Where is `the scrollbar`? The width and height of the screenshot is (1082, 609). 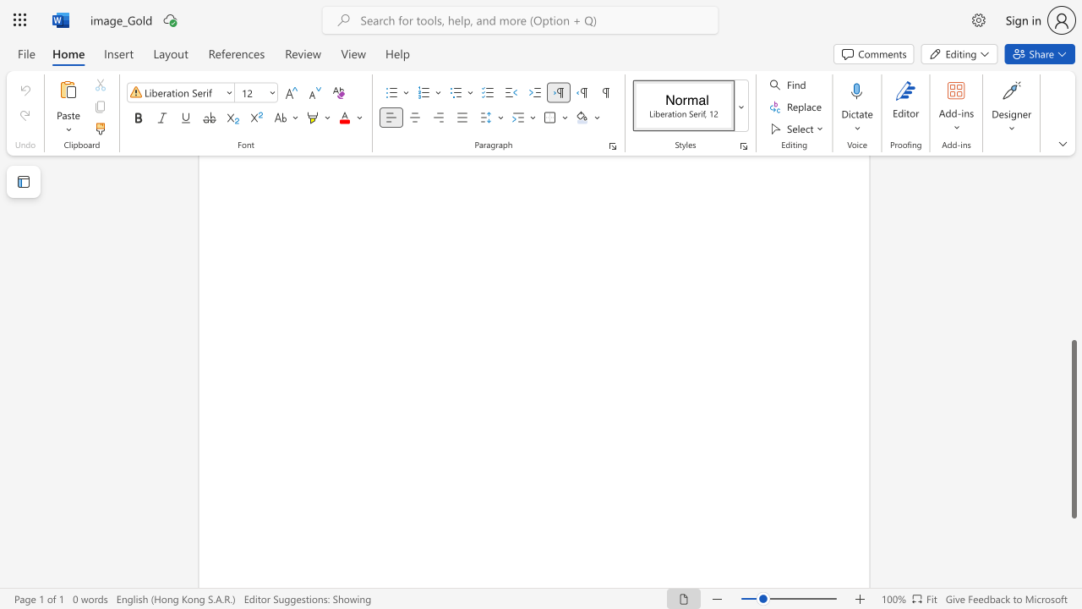
the scrollbar is located at coordinates (1073, 193).